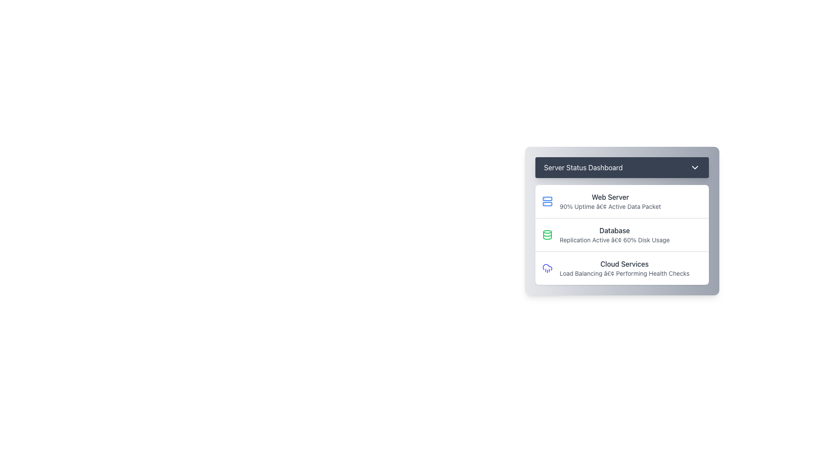 This screenshot has height=469, width=833. Describe the element at coordinates (547, 204) in the screenshot. I see `the second rectangle inside the 'Web Server' icon in the 'Server Status Dashboard', which visually represents part of a server rack` at that location.